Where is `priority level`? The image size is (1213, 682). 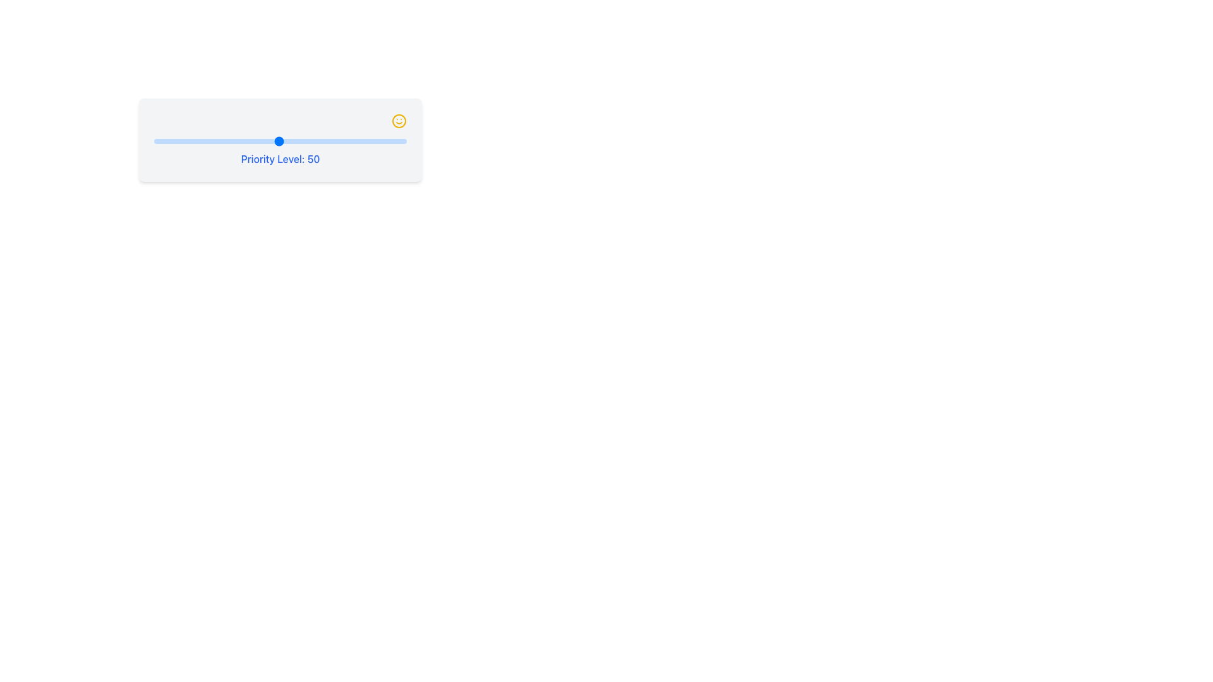 priority level is located at coordinates (390, 141).